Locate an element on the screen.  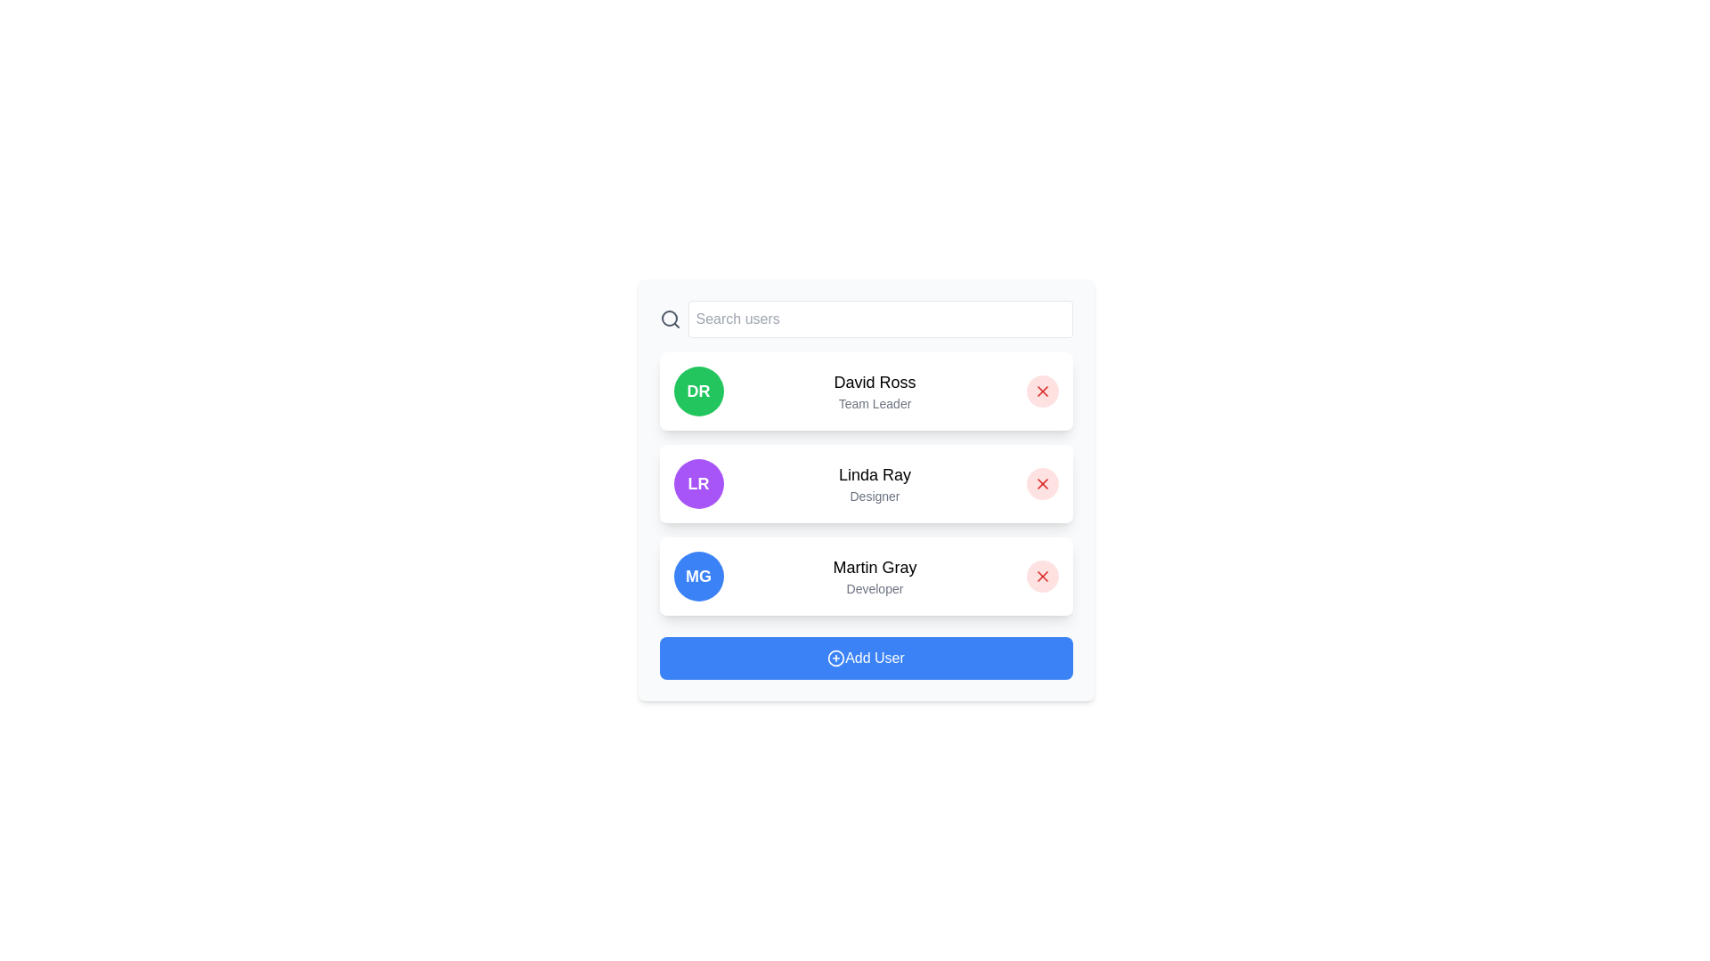
the text label 'Developer' located beneath the name 'Martin Gray' in the third user card of the vertical user list is located at coordinates (875, 589).